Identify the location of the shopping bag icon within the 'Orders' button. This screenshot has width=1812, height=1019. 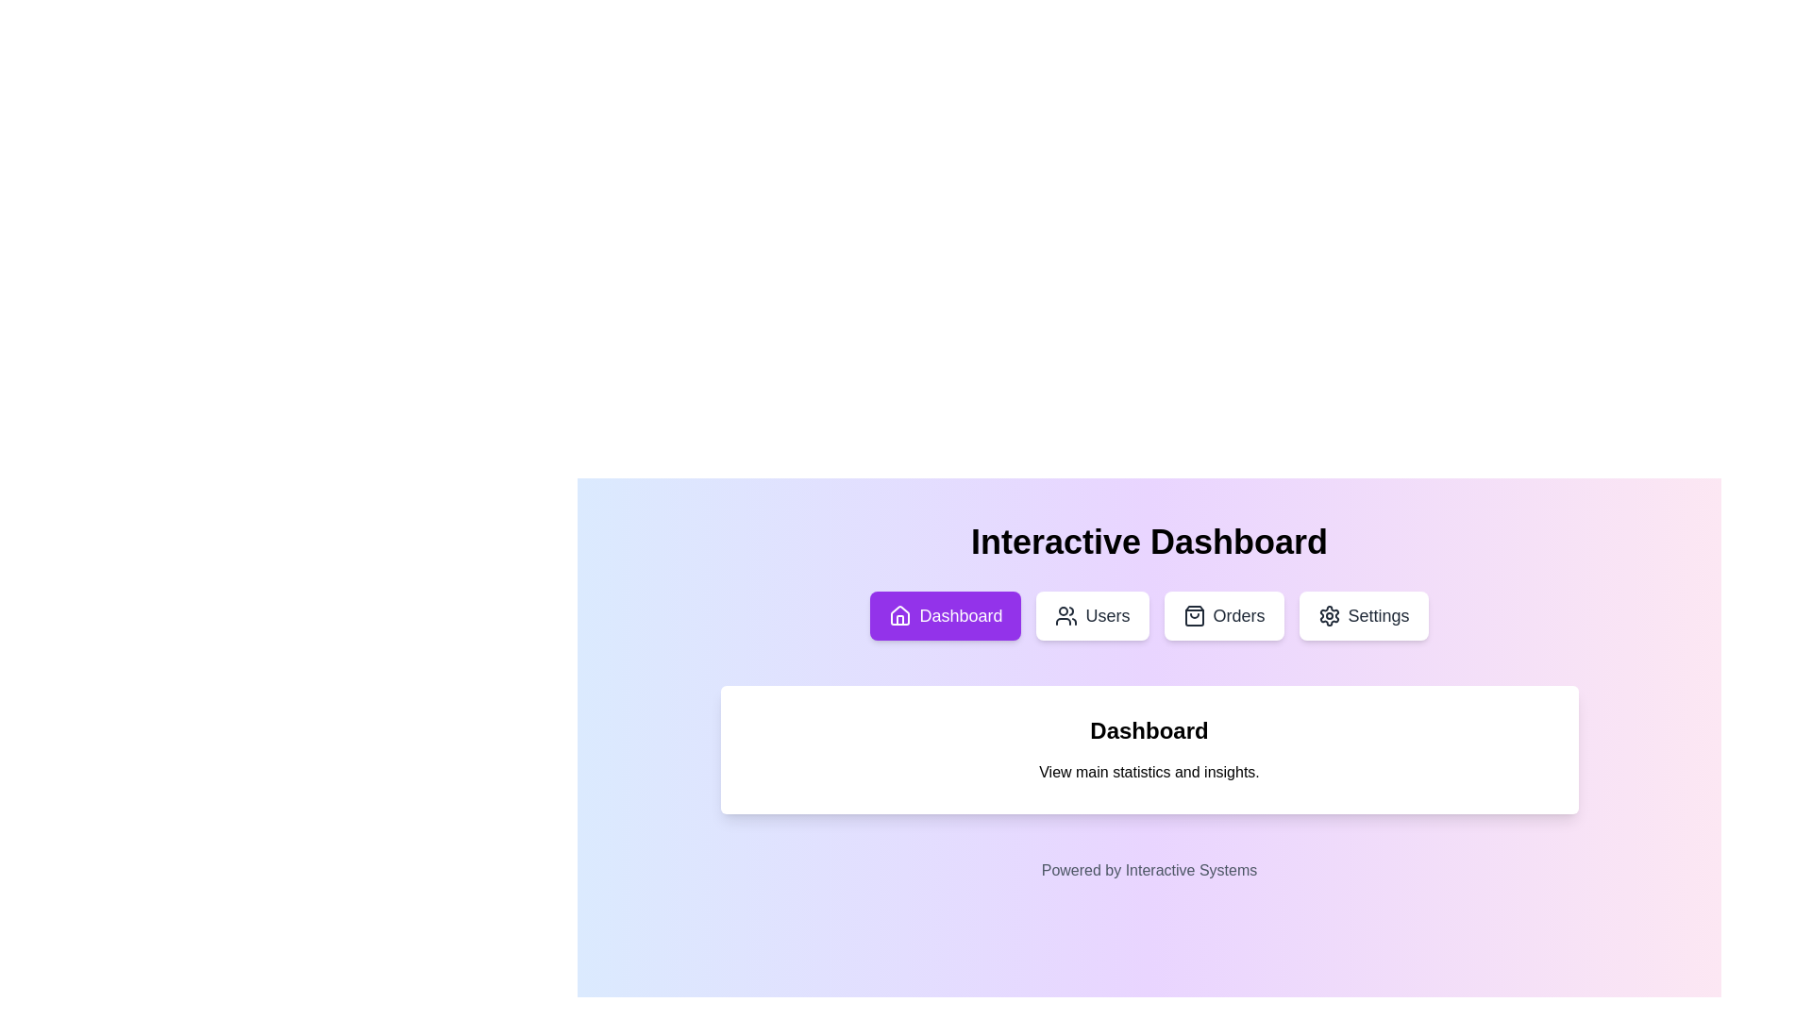
(1193, 615).